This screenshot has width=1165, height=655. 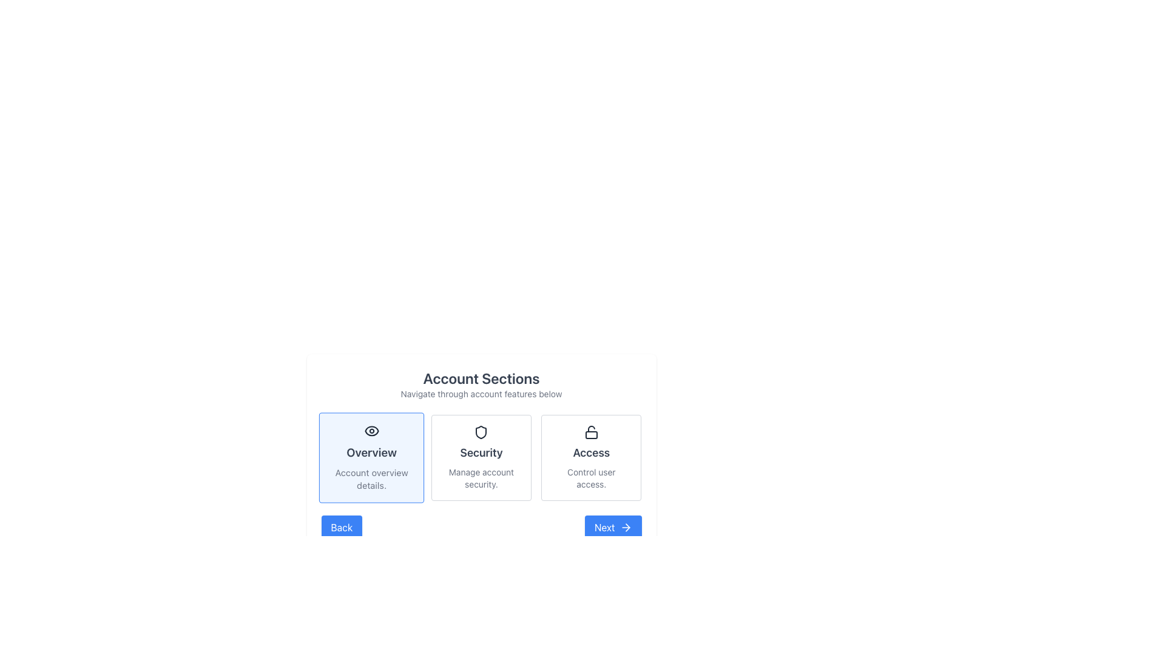 What do you see at coordinates (591, 478) in the screenshot?
I see `the text label that contains 'Control user access.' styled in small, gray-colored text, located below the bold label 'Access' within the rightmost bordered card` at bounding box center [591, 478].